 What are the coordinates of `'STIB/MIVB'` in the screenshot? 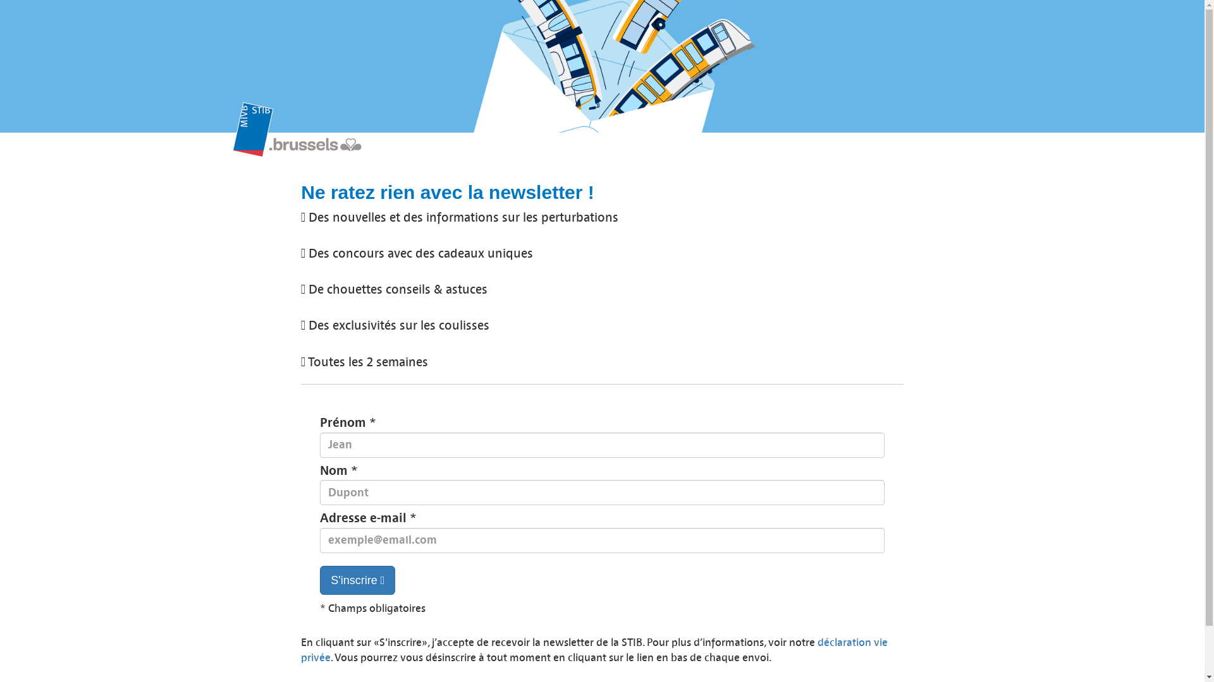 It's located at (312, 135).